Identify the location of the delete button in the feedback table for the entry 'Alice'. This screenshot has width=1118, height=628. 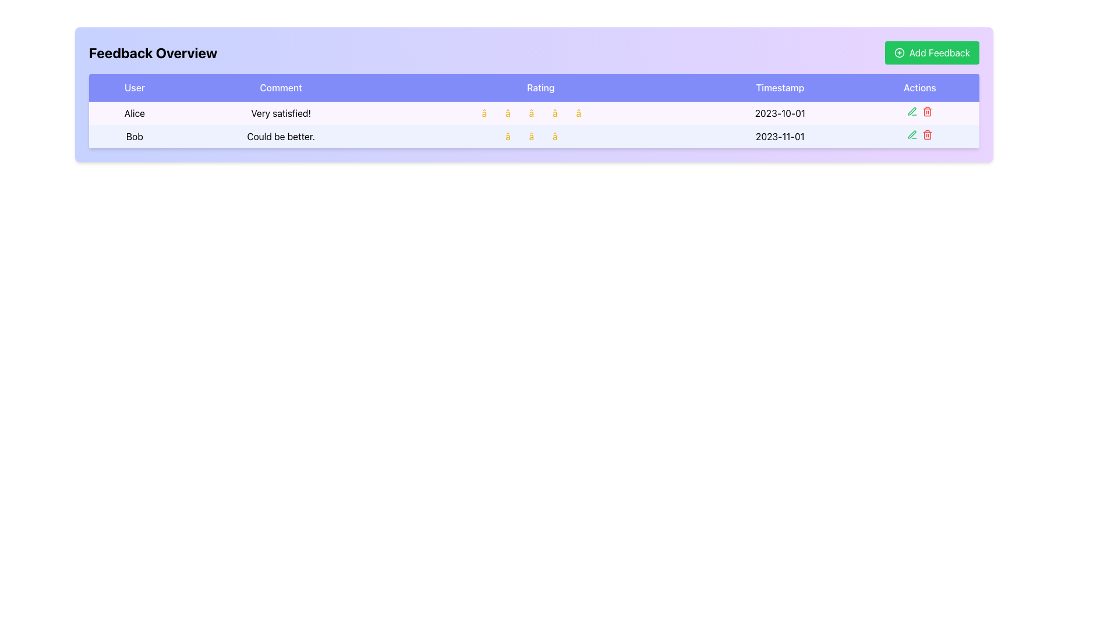
(926, 112).